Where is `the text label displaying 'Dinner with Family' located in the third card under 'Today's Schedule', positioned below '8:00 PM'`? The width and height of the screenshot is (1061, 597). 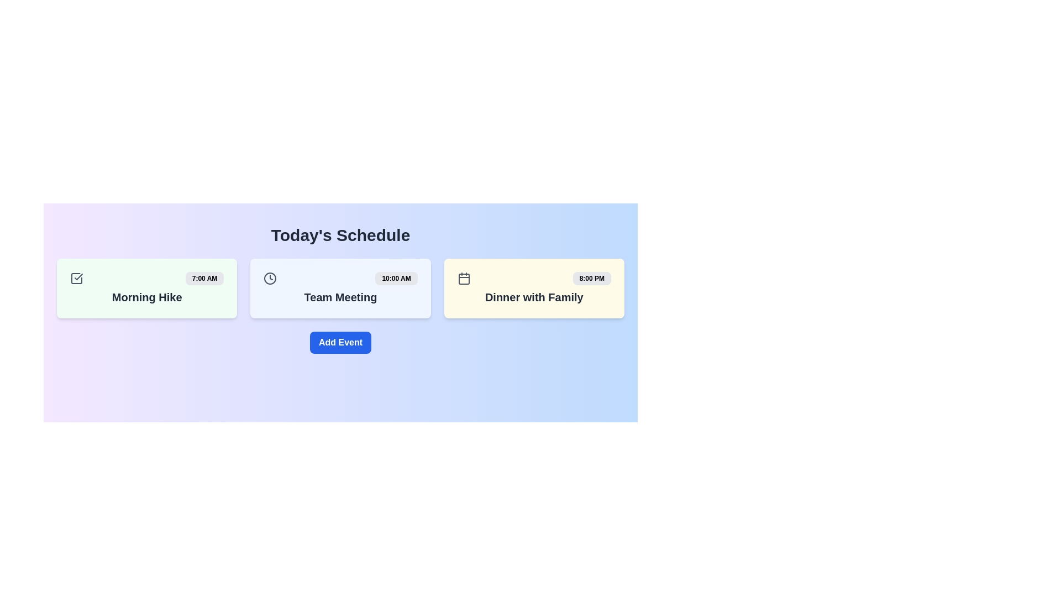 the text label displaying 'Dinner with Family' located in the third card under 'Today's Schedule', positioned below '8:00 PM' is located at coordinates (534, 296).